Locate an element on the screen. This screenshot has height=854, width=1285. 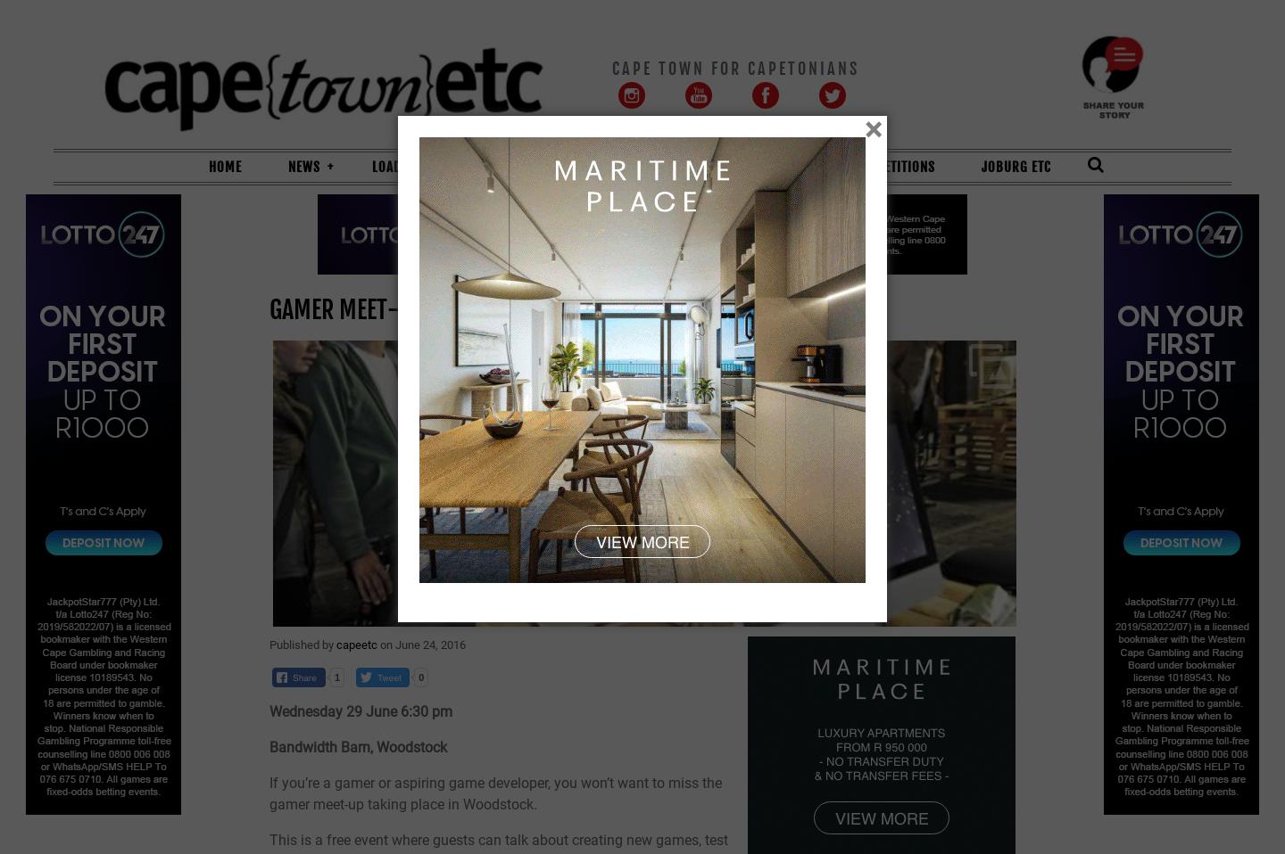
'Published by' is located at coordinates (303, 645).